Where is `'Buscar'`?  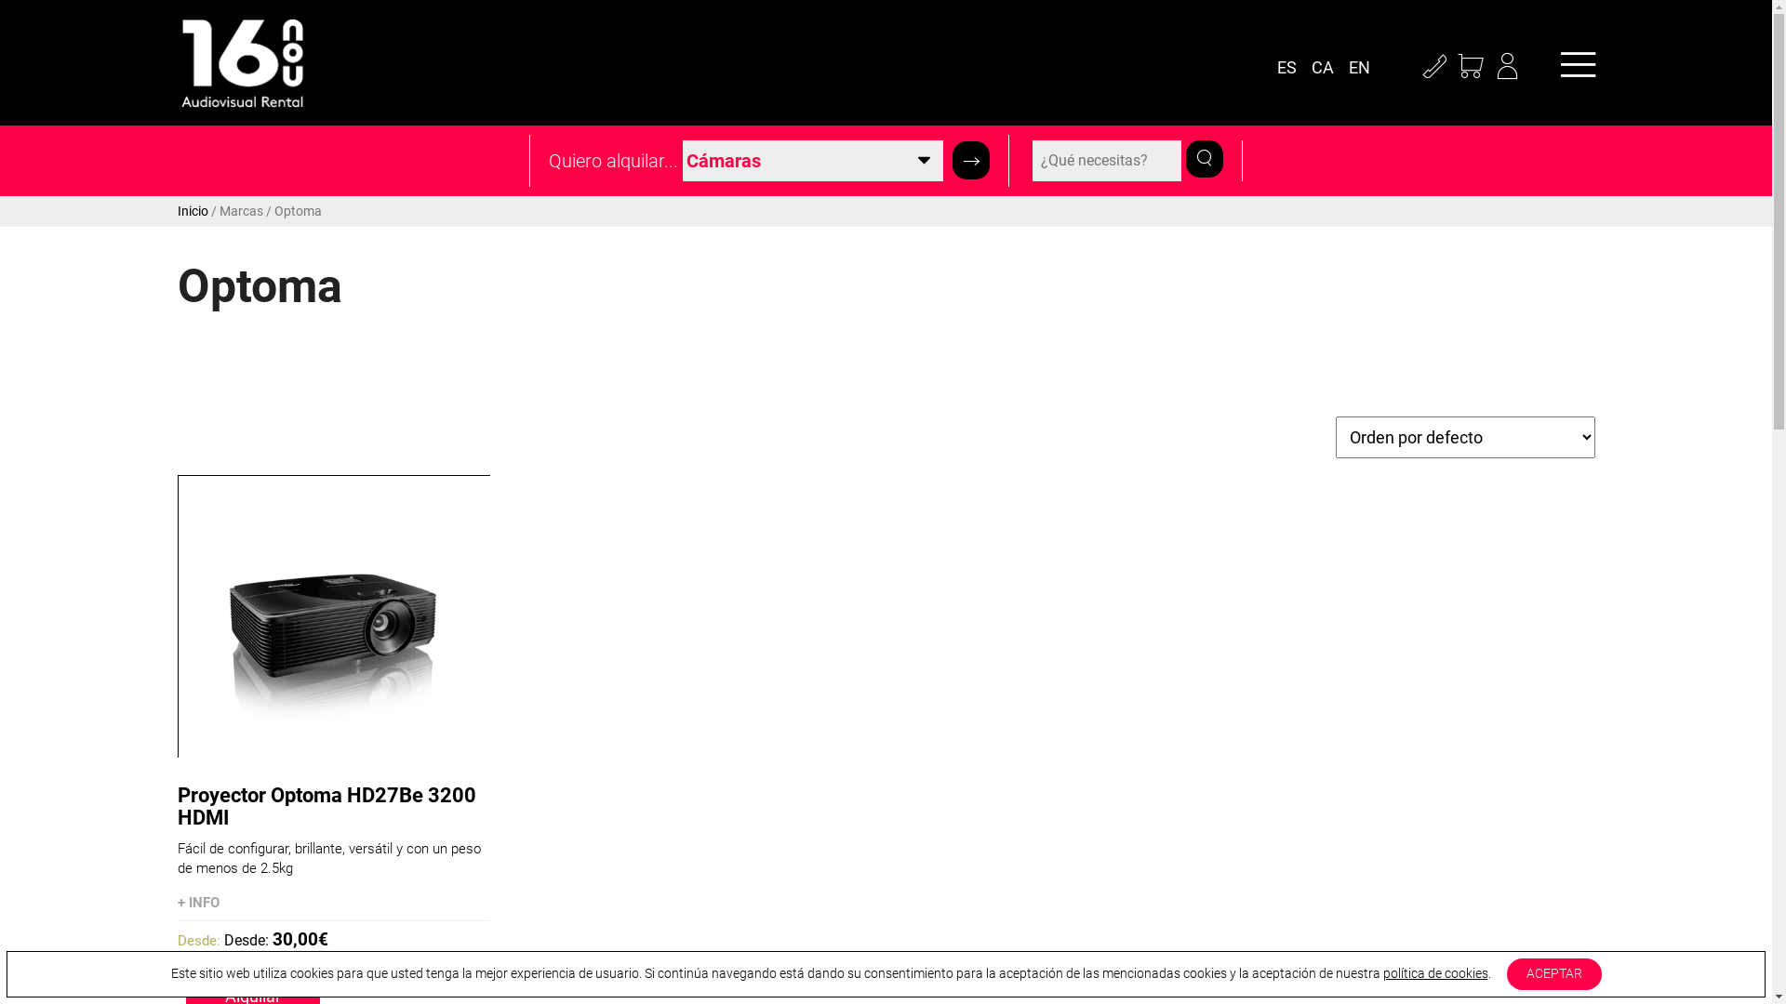
'Buscar' is located at coordinates (969, 160).